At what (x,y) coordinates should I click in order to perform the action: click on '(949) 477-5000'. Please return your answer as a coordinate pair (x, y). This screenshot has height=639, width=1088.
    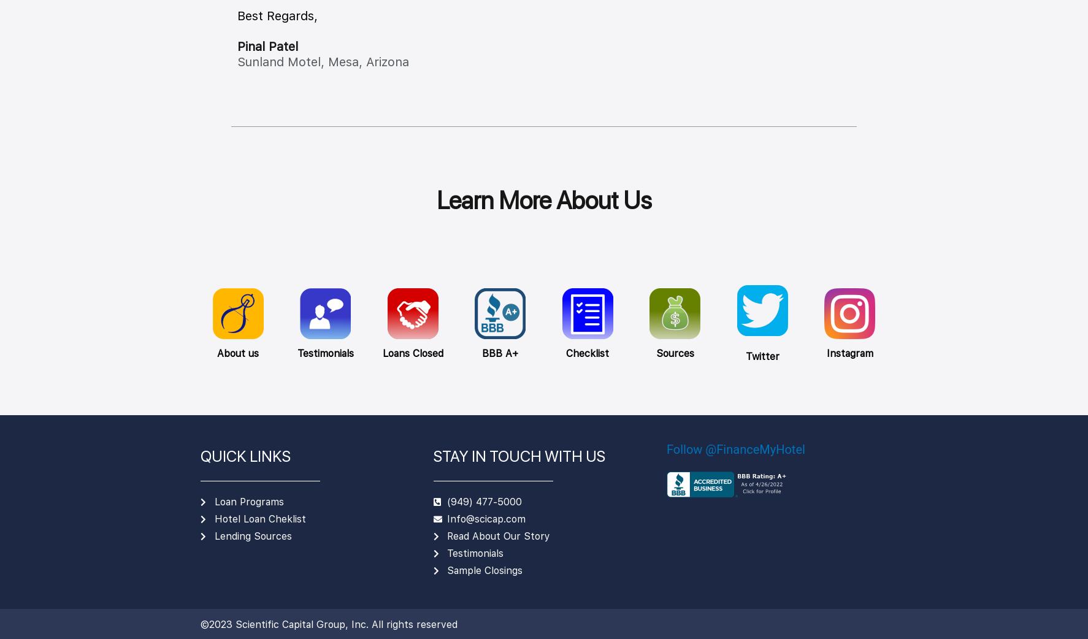
    Looking at the image, I should click on (483, 501).